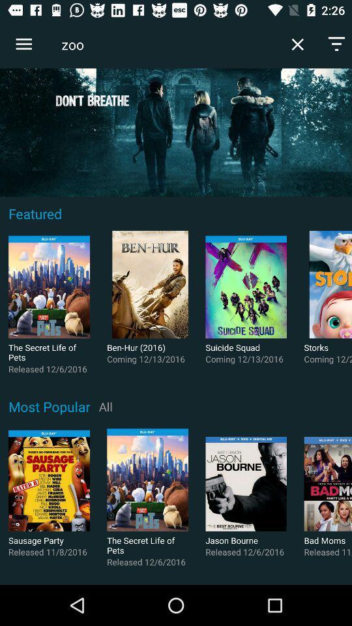 This screenshot has height=626, width=352. I want to click on item to the right of the zoo icon, so click(297, 44).